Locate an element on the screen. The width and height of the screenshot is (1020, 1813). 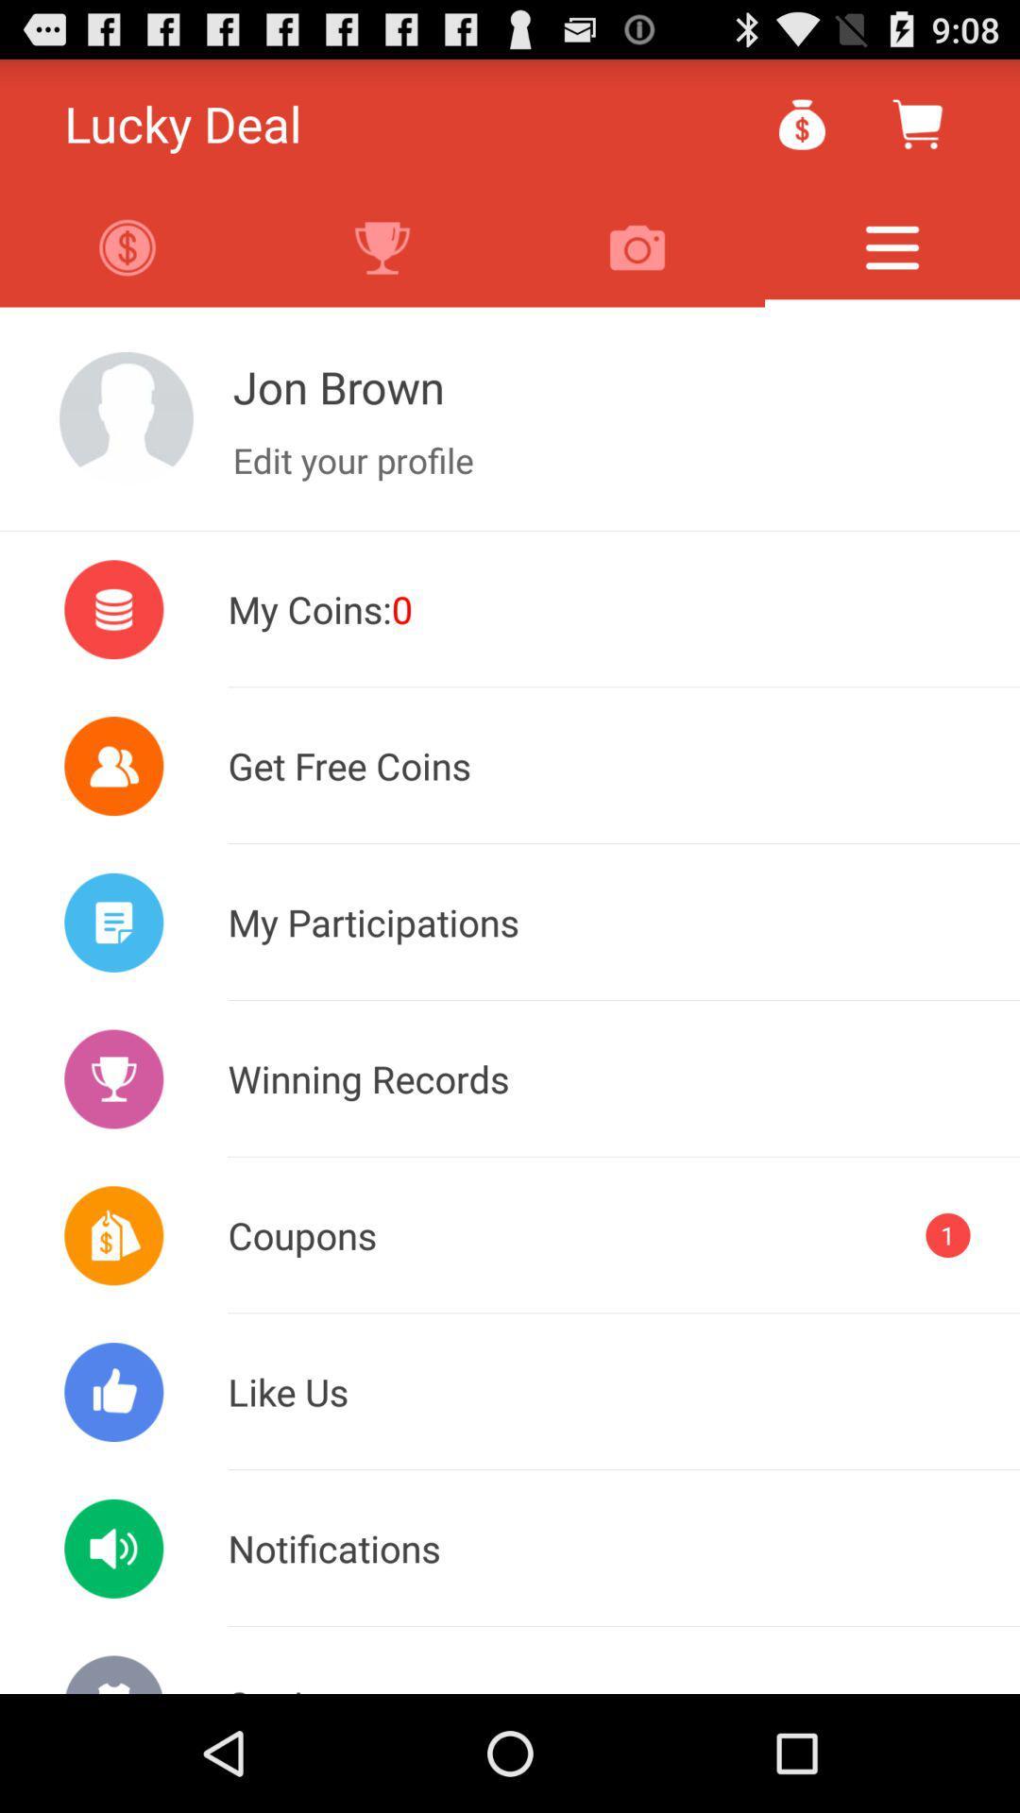
the shopping cart is located at coordinates (916, 123).